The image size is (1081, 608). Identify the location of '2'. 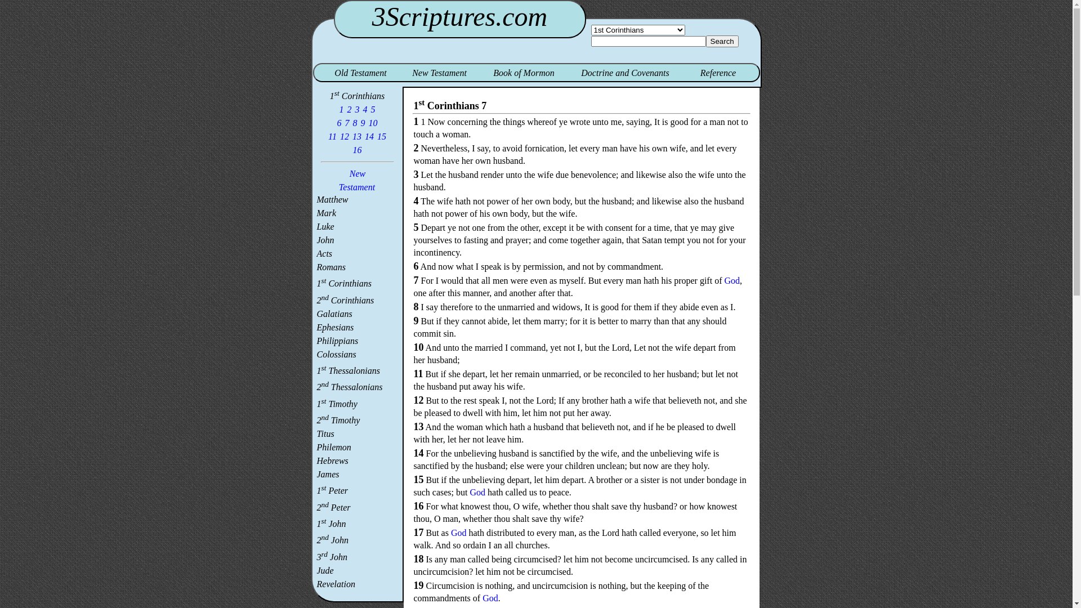
(349, 109).